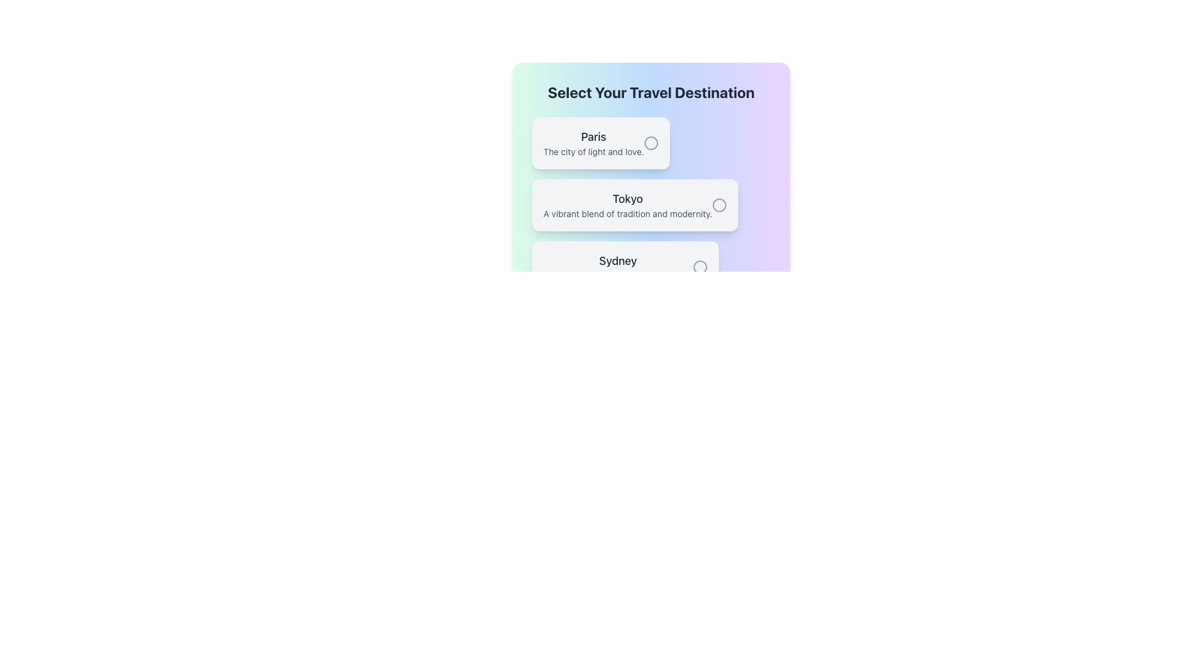  I want to click on the text content of the Label that describes Tokyo as a travel destination, positioned as the second option under 'Select Your Travel Destination.', so click(628, 205).